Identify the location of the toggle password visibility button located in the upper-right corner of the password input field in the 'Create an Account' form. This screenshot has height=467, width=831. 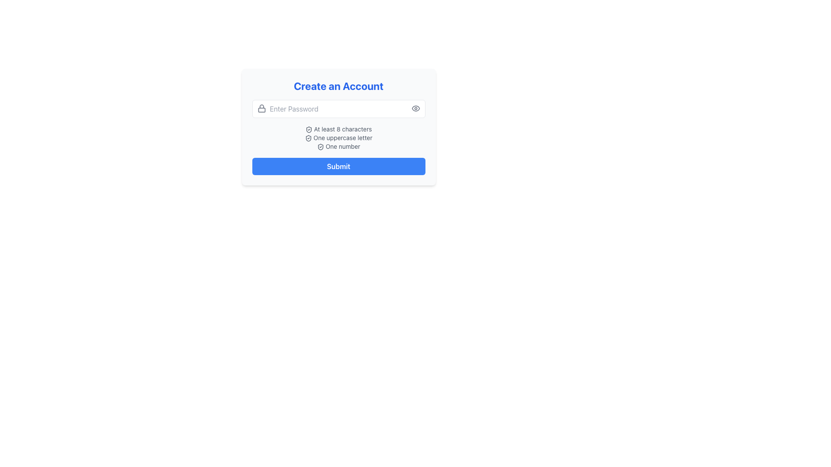
(415, 108).